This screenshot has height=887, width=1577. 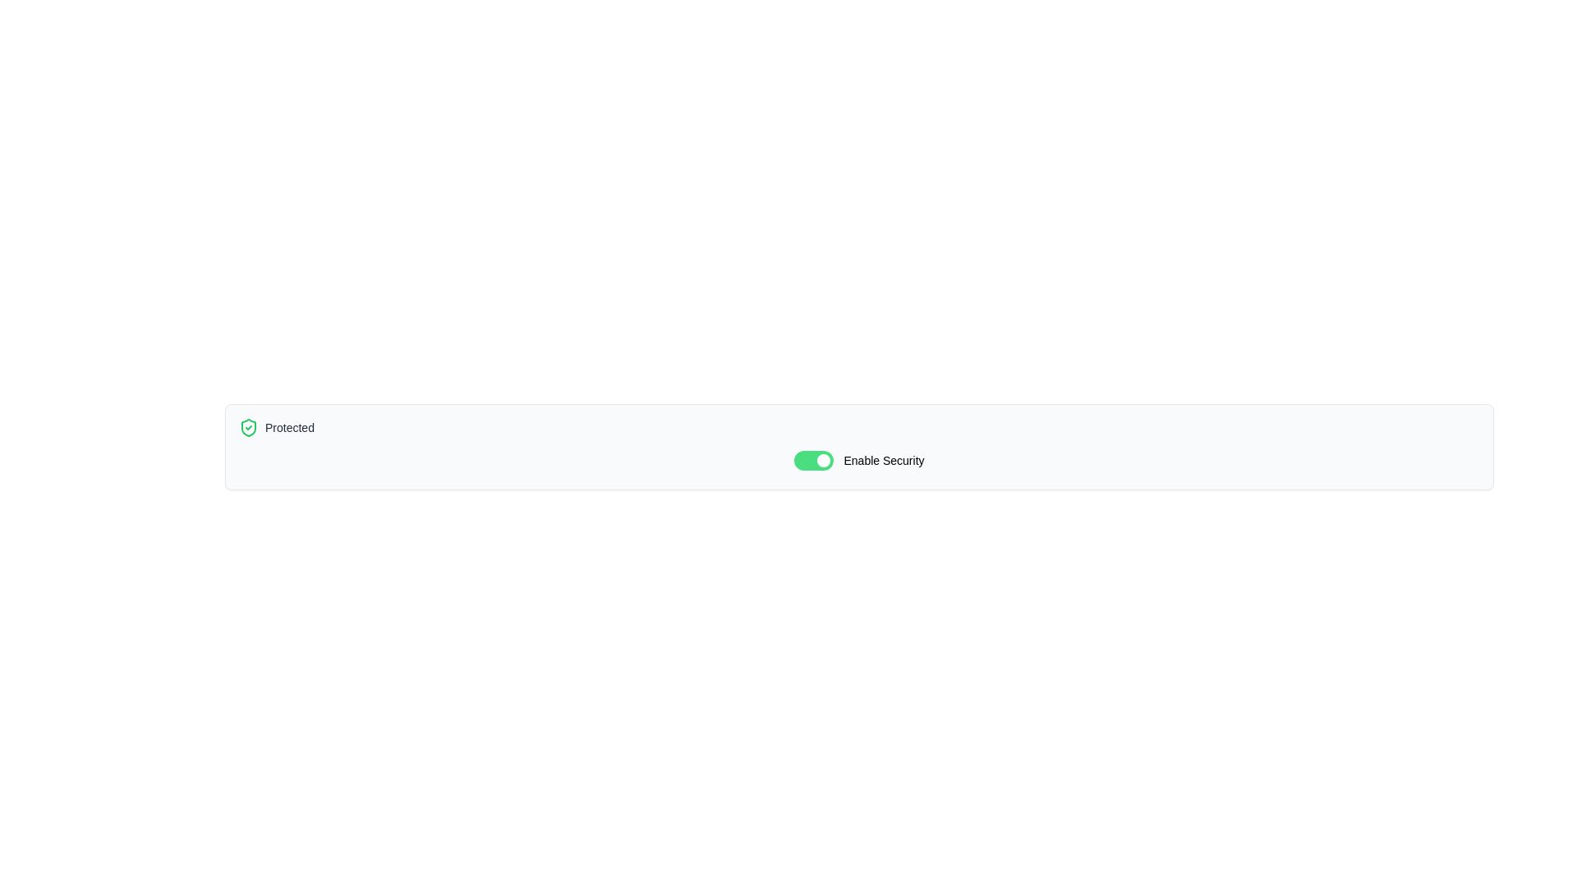 I want to click on the circular white switch handle from the right edge of the green switch component labeled 'Enable Security', so click(x=782, y=460).